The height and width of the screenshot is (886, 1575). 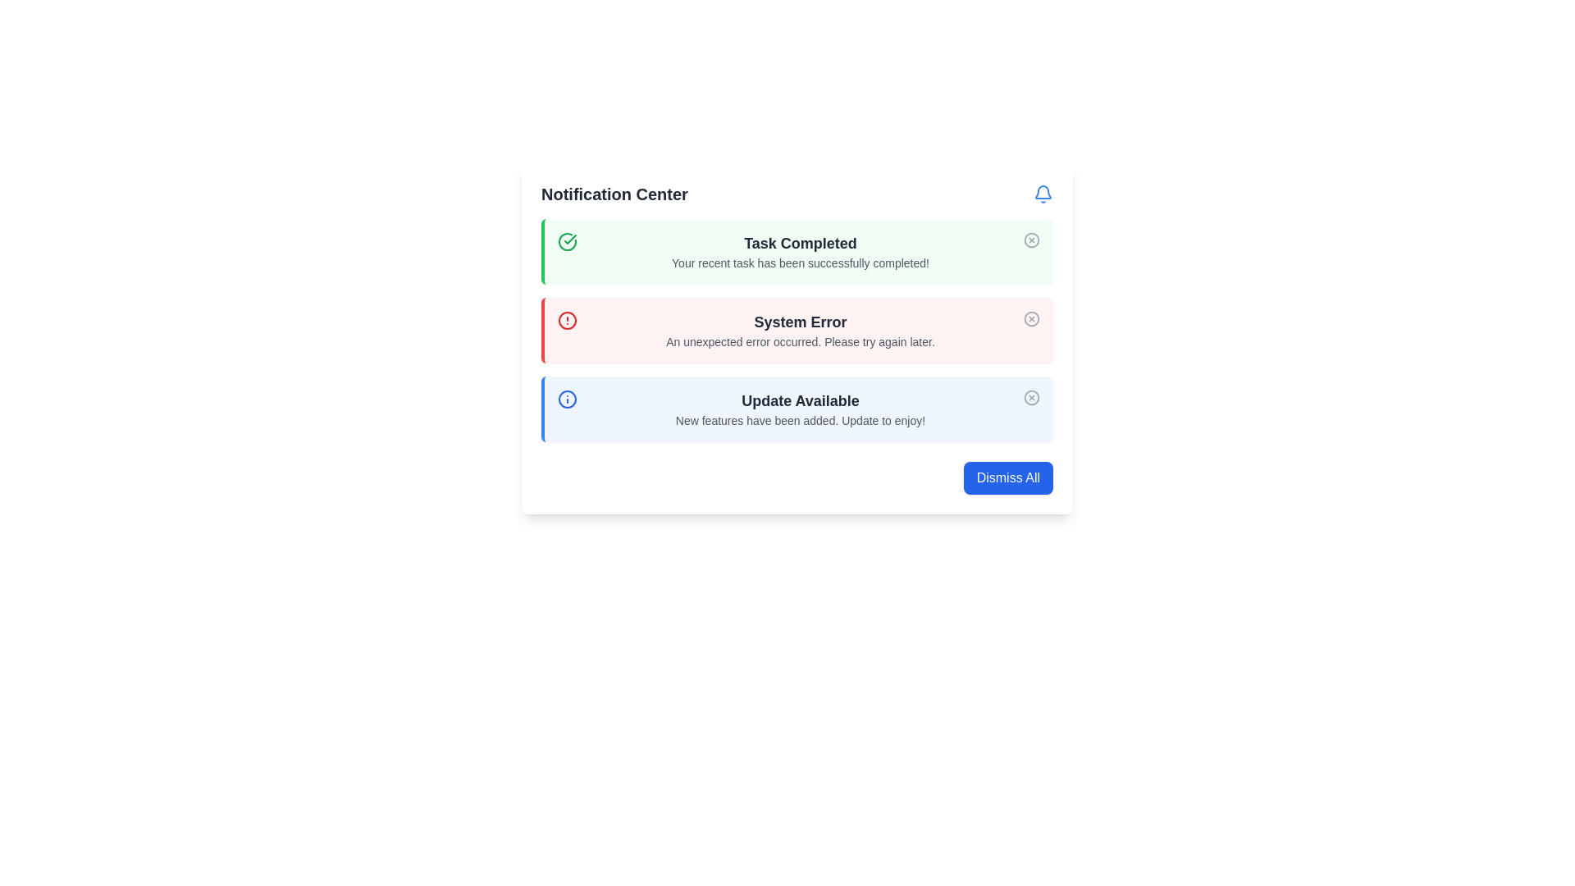 I want to click on the text content of the third notification message in the notification center to potentially trigger a tooltip or highlight, so click(x=800, y=408).